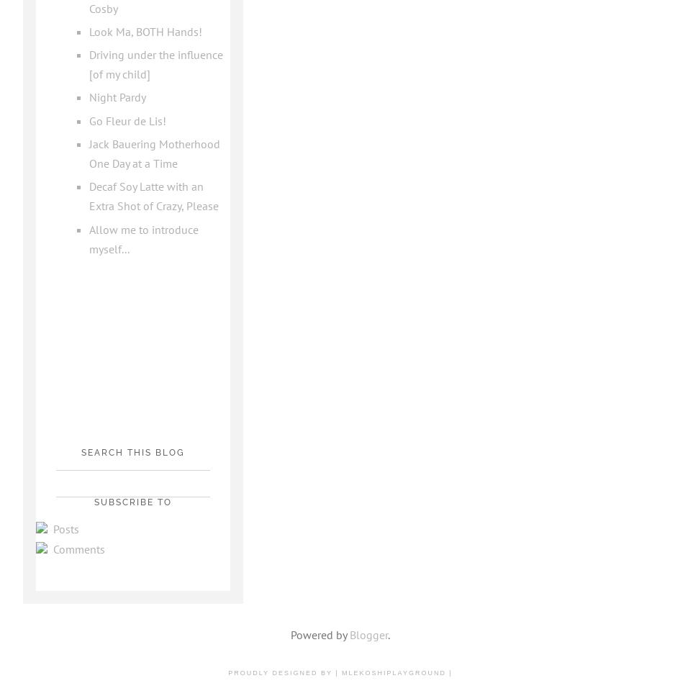  I want to click on 'Powered by', so click(290, 633).